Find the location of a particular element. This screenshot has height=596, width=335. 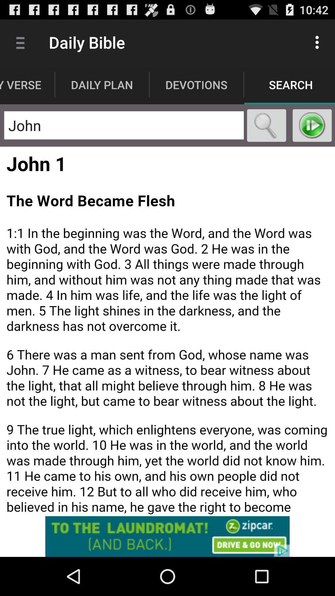

search button is located at coordinates (266, 125).